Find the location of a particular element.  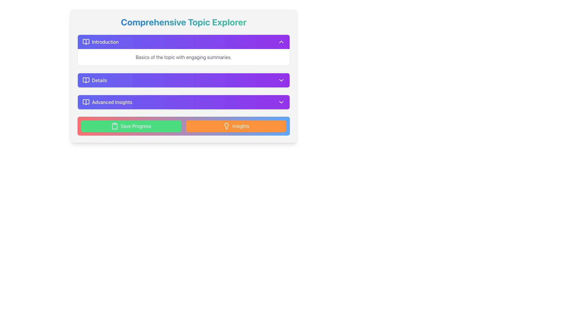

the chevron-down icon located on the right side of the 'Details' section header is located at coordinates (281, 80).